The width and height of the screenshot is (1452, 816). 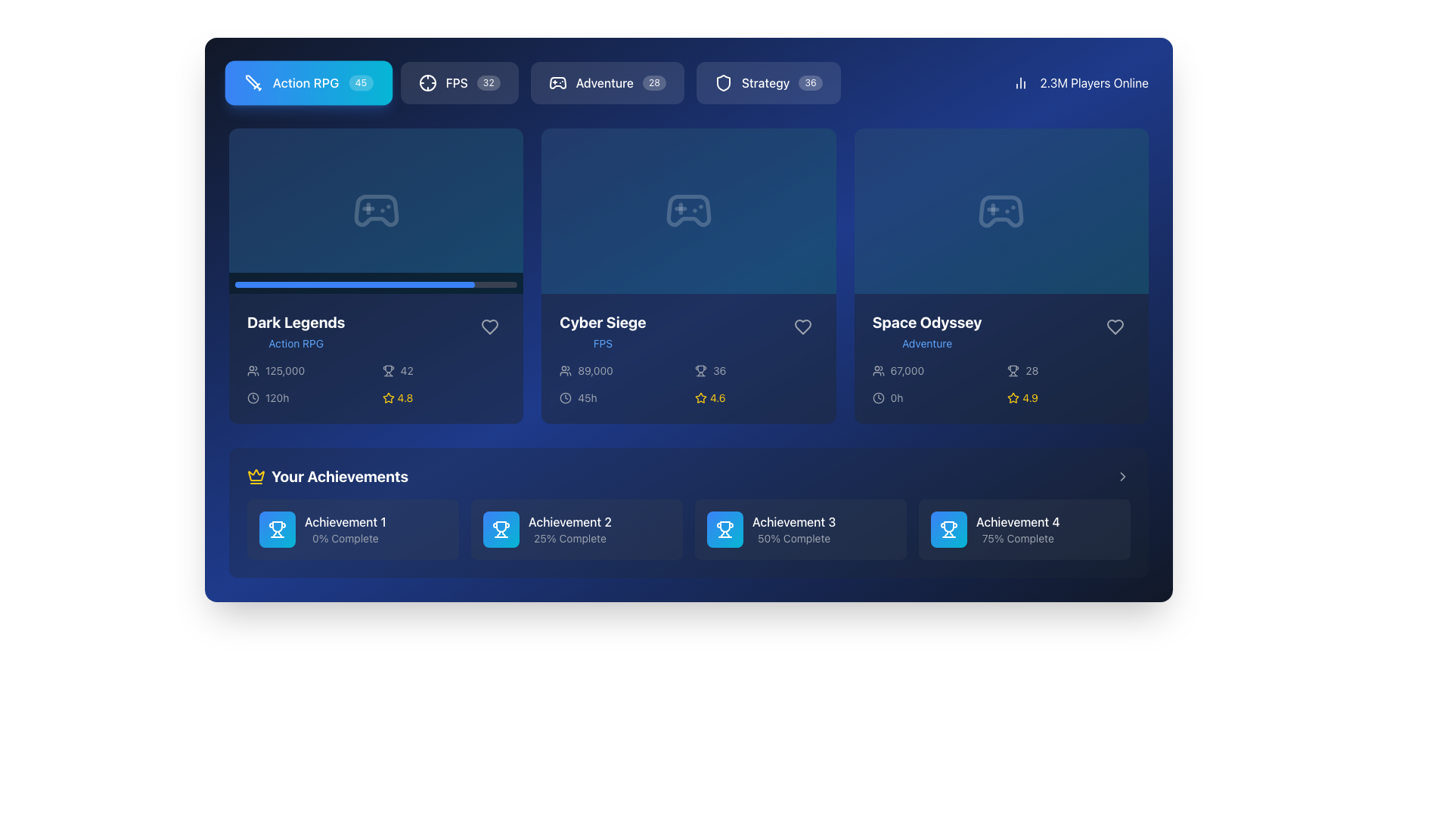 I want to click on the Text display that reads 'Space Odyssey' with a smaller subtitle 'Adventure', located in the third card of a horizontal list of cards, so click(x=926, y=331).